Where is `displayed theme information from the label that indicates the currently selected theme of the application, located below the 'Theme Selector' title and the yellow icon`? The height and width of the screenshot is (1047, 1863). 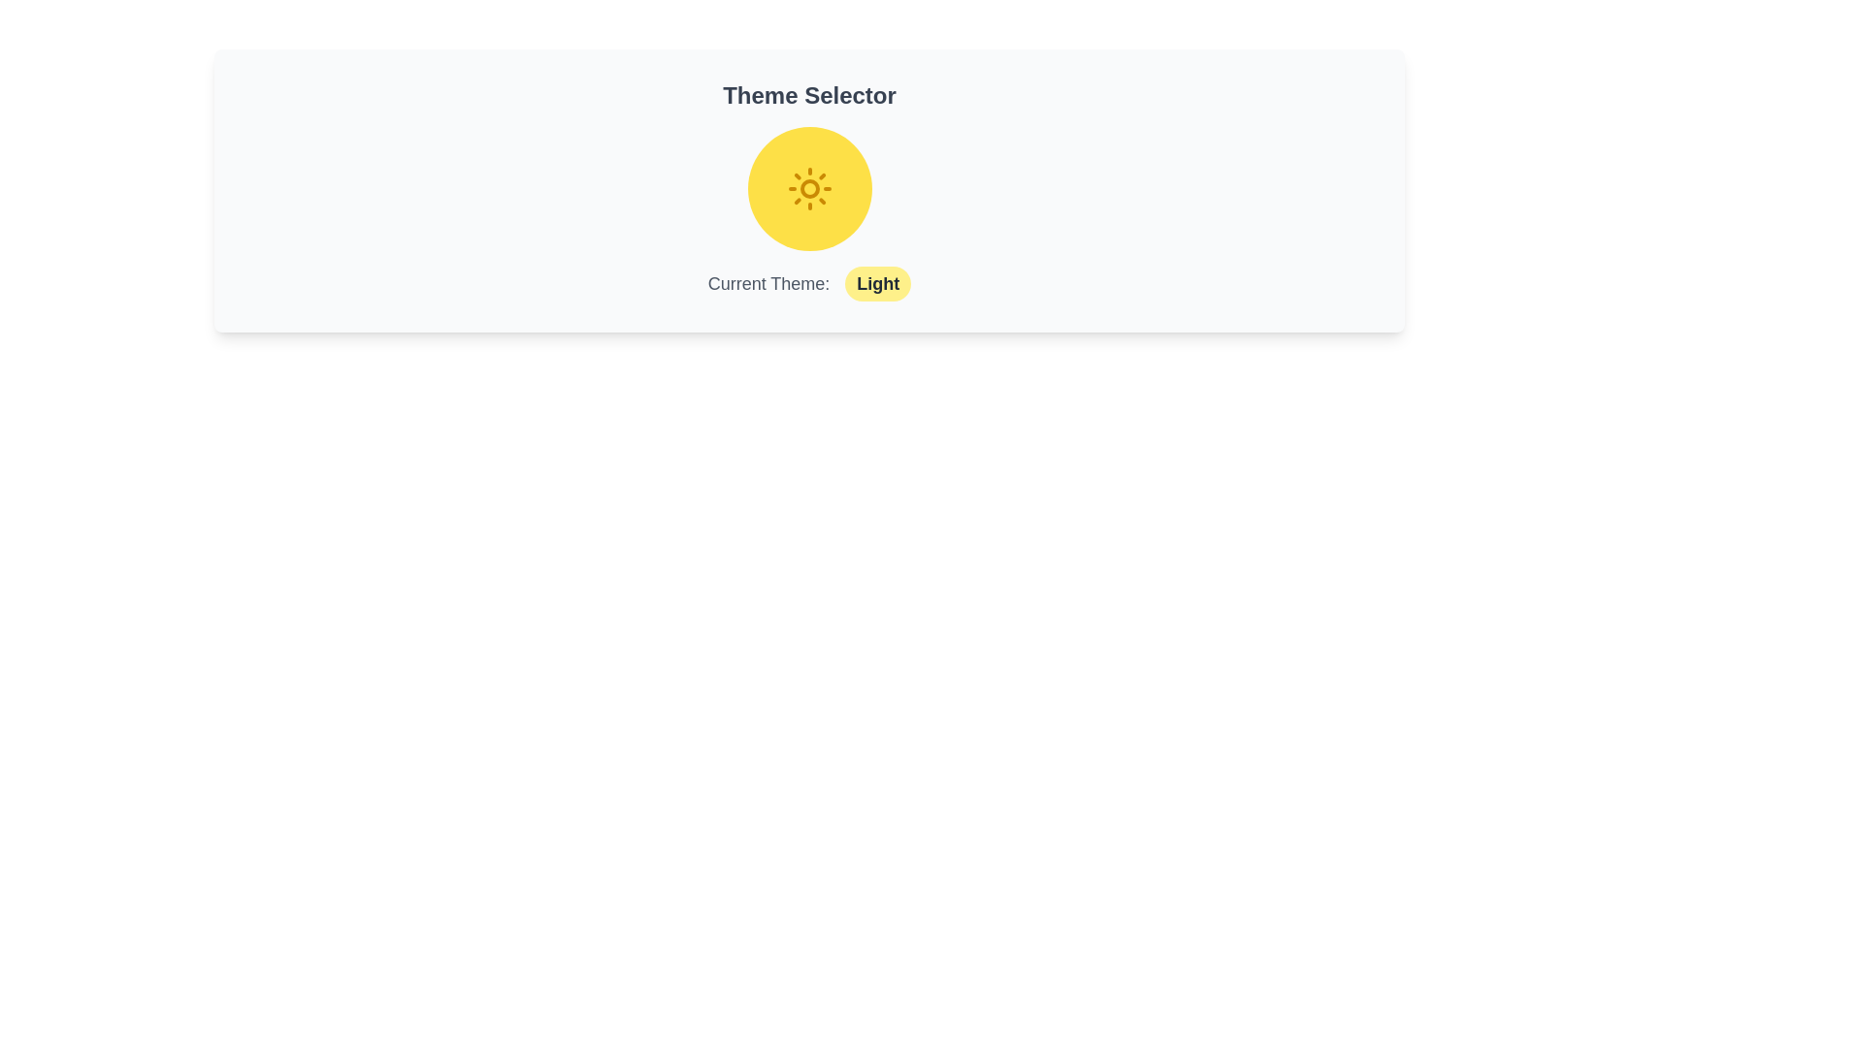 displayed theme information from the label that indicates the currently selected theme of the application, located below the 'Theme Selector' title and the yellow icon is located at coordinates (809, 284).